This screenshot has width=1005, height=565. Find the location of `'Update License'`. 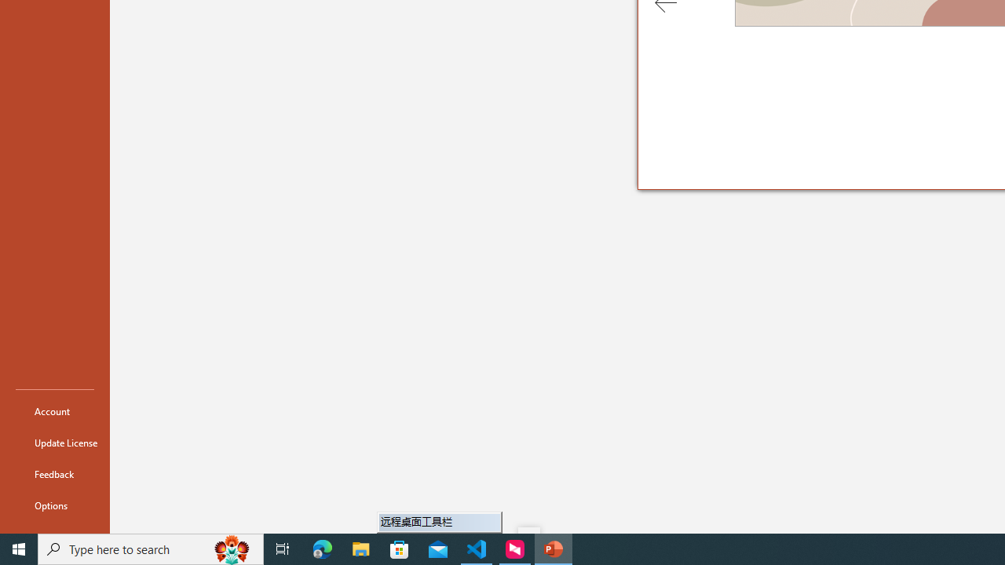

'Update License' is located at coordinates (54, 443).